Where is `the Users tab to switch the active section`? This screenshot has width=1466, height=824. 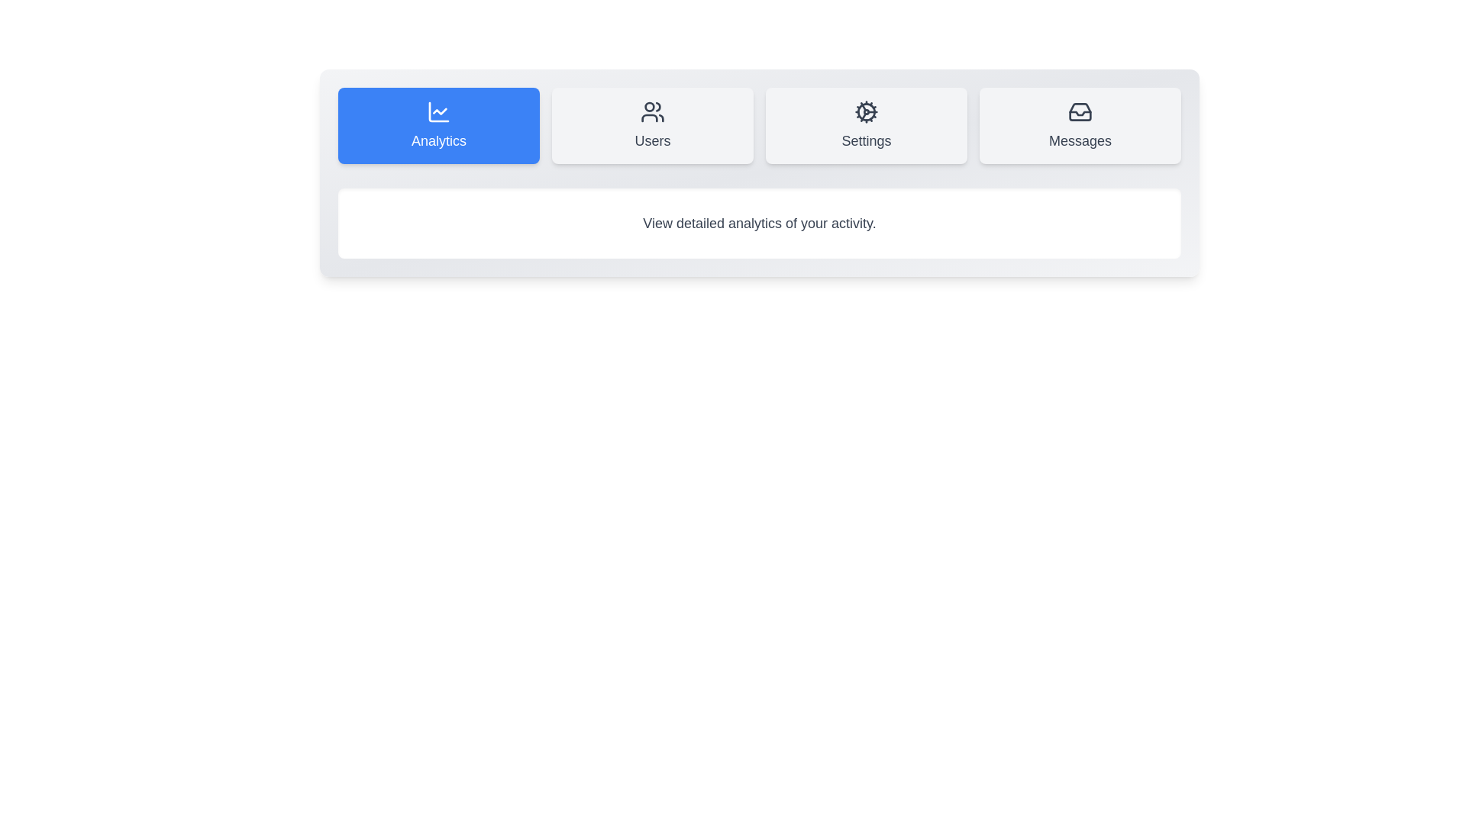
the Users tab to switch the active section is located at coordinates (652, 125).